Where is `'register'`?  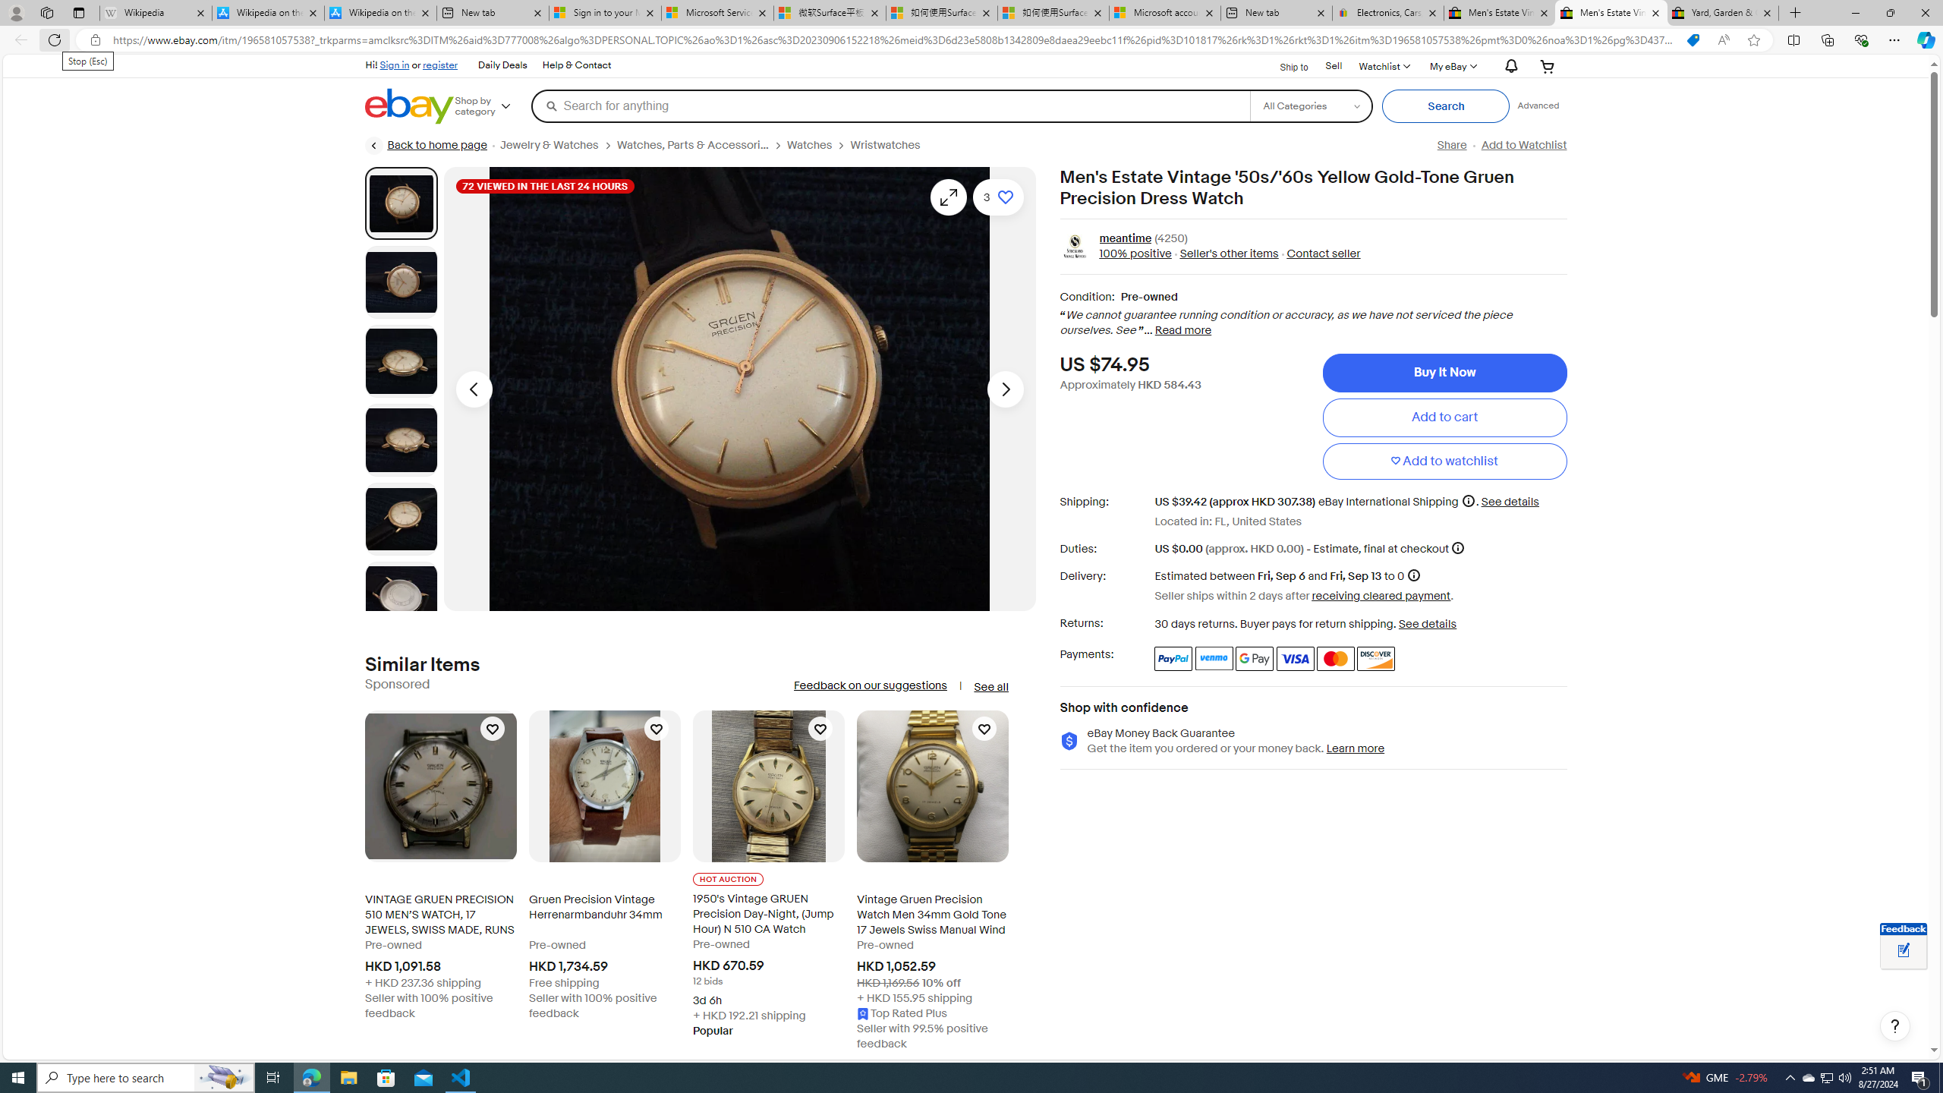 'register' is located at coordinates (439, 64).